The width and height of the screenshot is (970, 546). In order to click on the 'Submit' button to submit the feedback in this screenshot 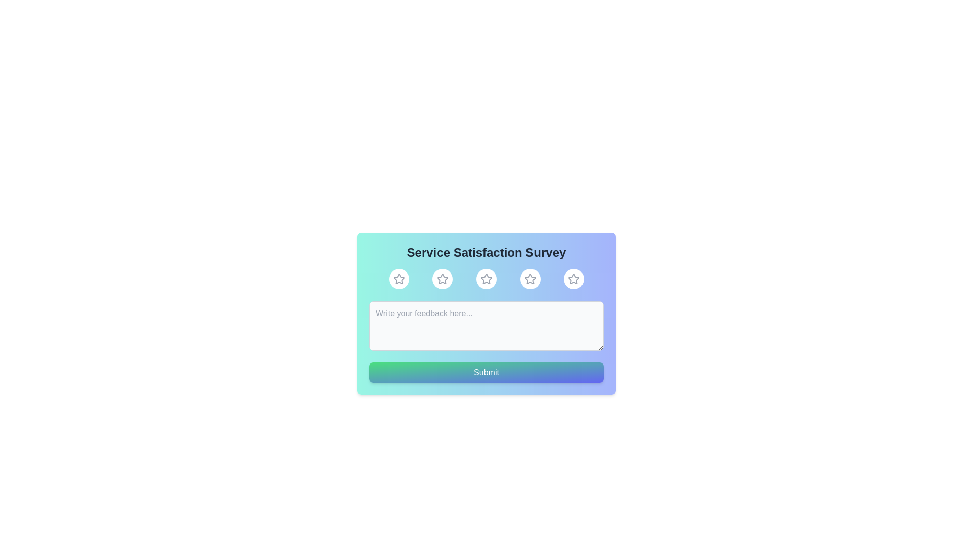, I will do `click(487, 372)`.